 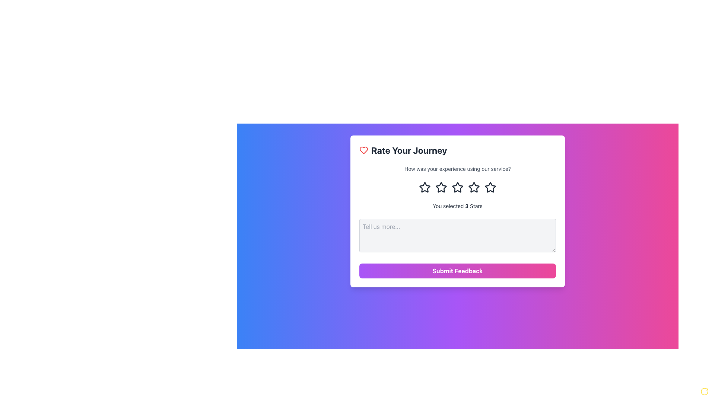 I want to click on the third star icon, which is outlined and represents a rating symbol in the feedback form, to rate it, so click(x=457, y=187).